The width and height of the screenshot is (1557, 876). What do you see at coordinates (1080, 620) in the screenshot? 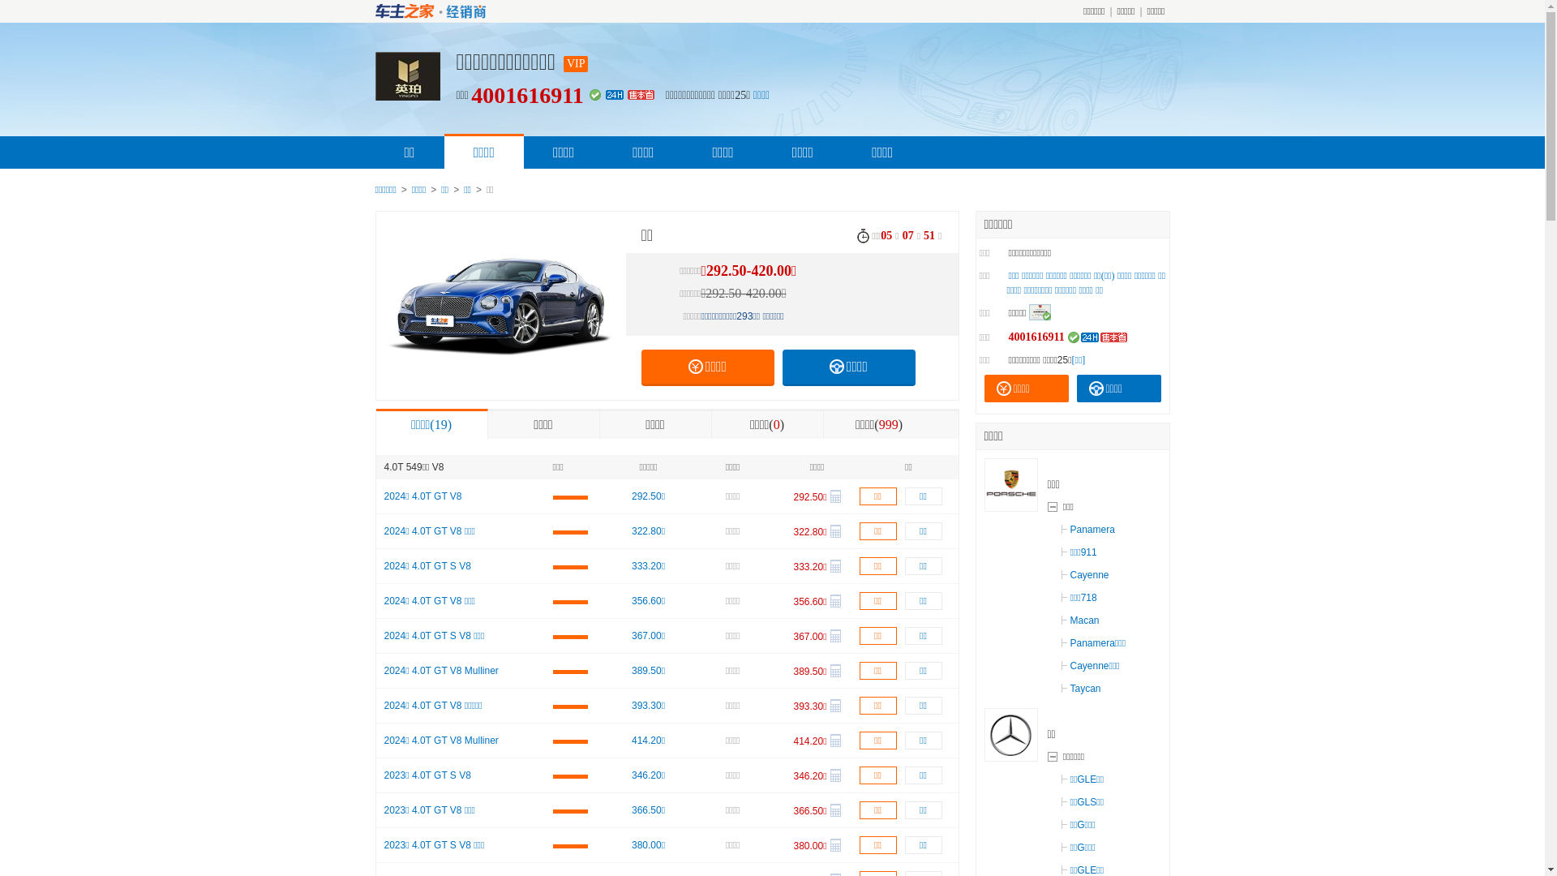
I see `'Macan'` at bounding box center [1080, 620].